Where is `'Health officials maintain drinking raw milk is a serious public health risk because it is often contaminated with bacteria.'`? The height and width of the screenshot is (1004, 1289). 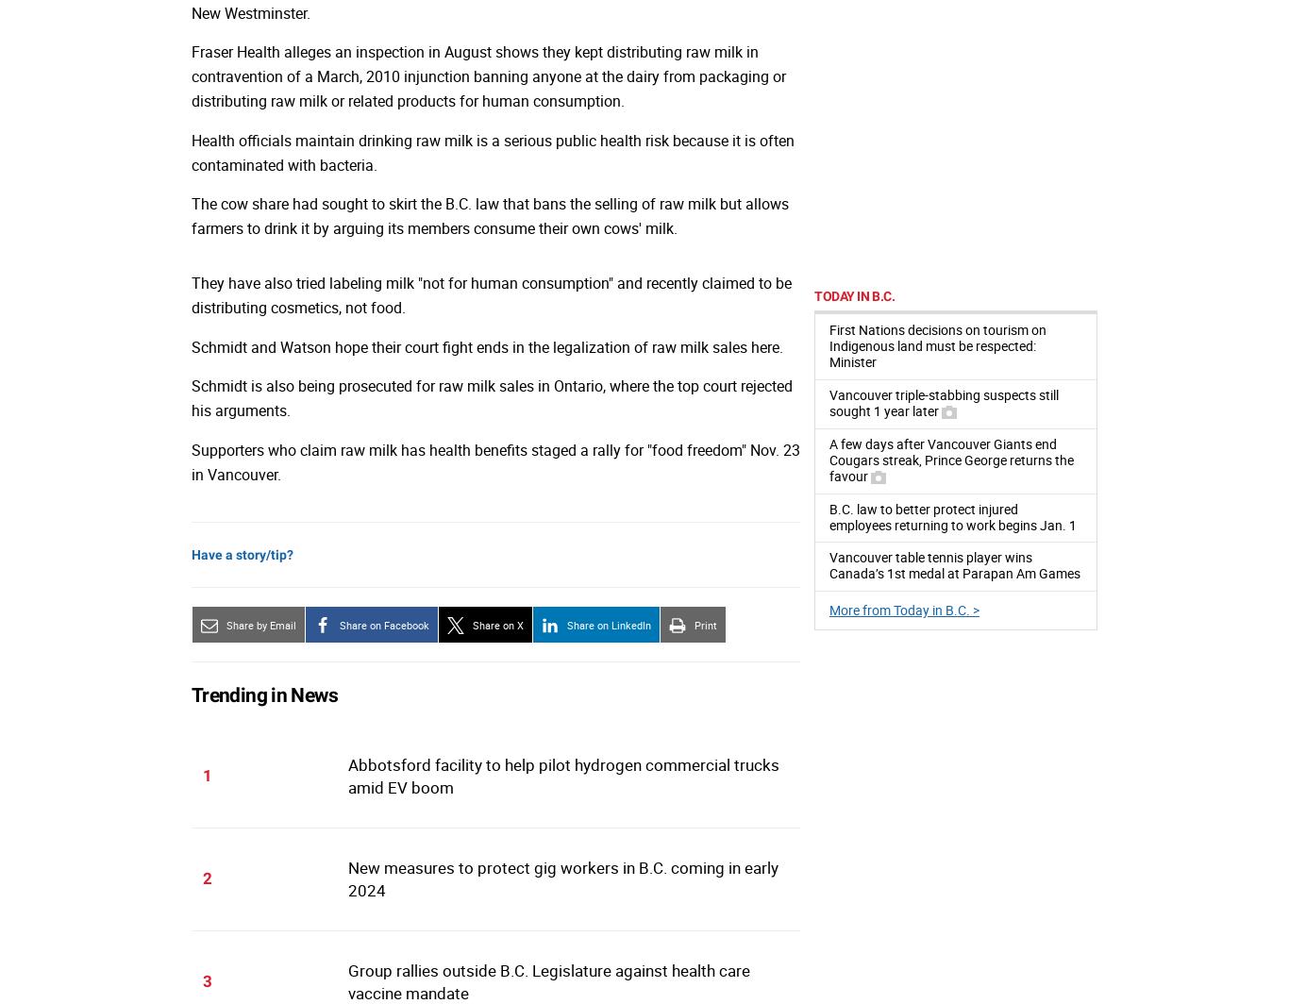
'Health officials maintain drinking raw milk is a serious public health risk because it is often contaminated with bacteria.' is located at coordinates (493, 151).